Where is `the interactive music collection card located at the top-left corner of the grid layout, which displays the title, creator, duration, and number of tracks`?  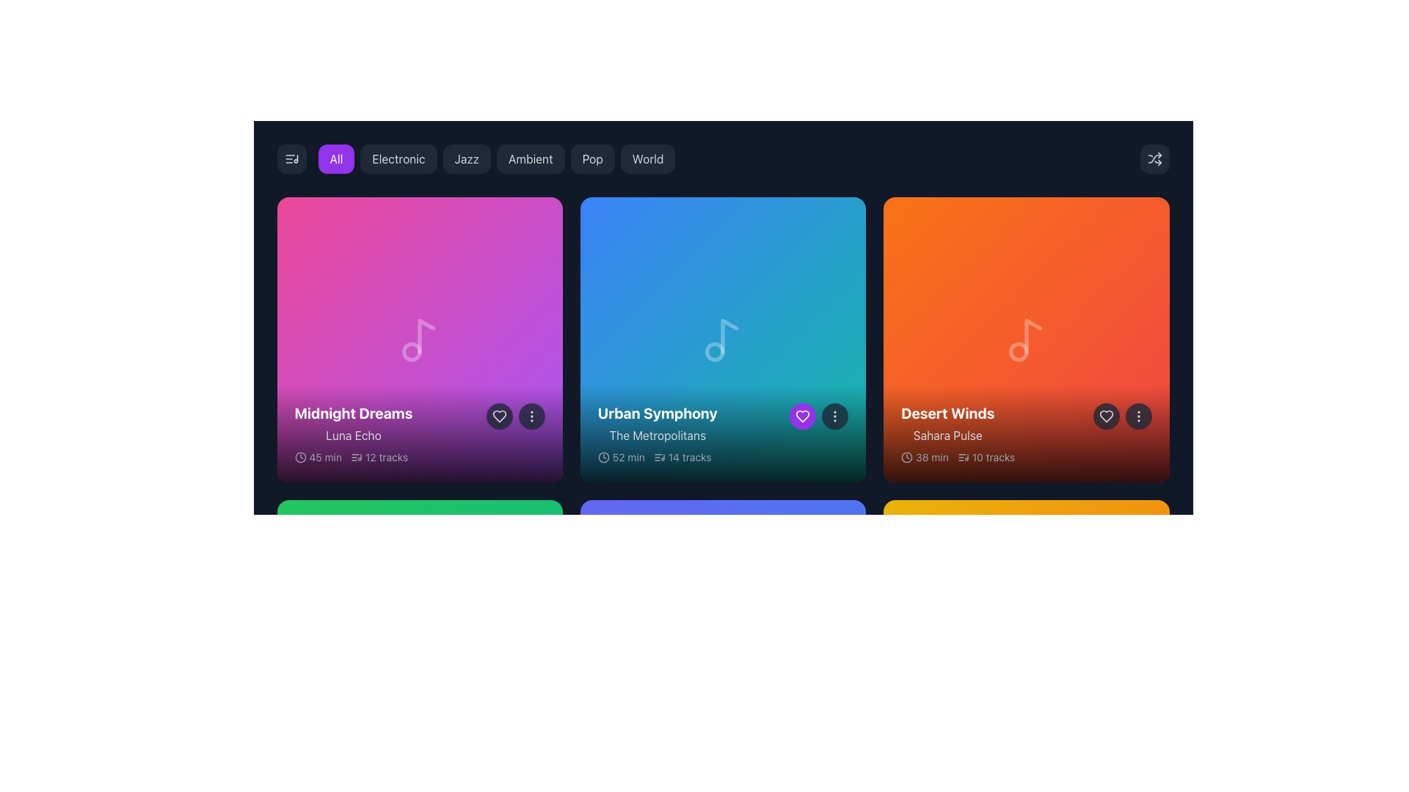 the interactive music collection card located at the top-left corner of the grid layout, which displays the title, creator, duration, and number of tracks is located at coordinates (419, 340).